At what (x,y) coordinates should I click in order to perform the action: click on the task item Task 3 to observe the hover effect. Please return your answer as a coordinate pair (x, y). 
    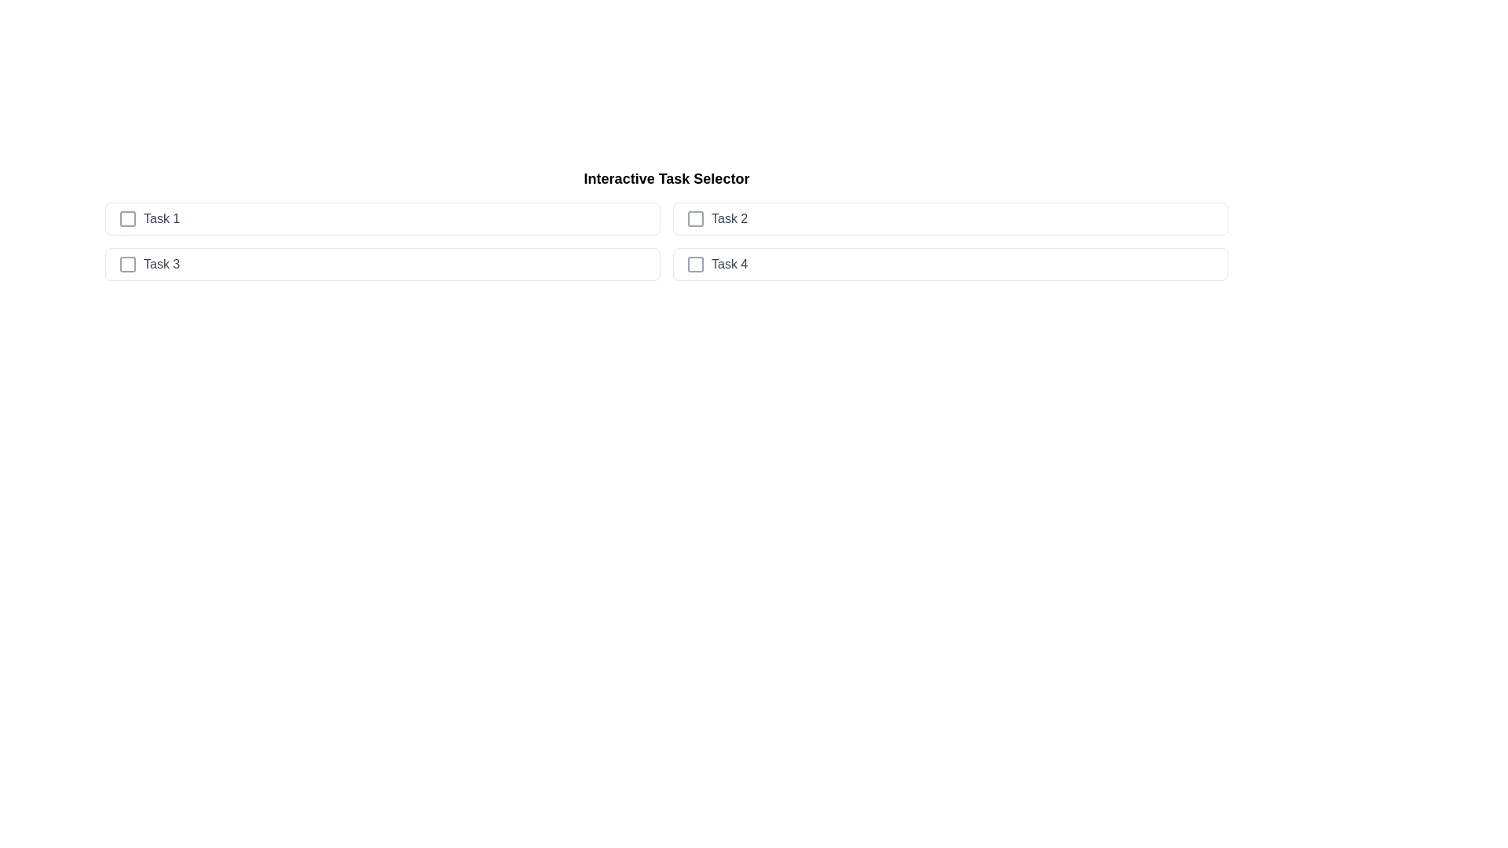
    Looking at the image, I should click on (382, 263).